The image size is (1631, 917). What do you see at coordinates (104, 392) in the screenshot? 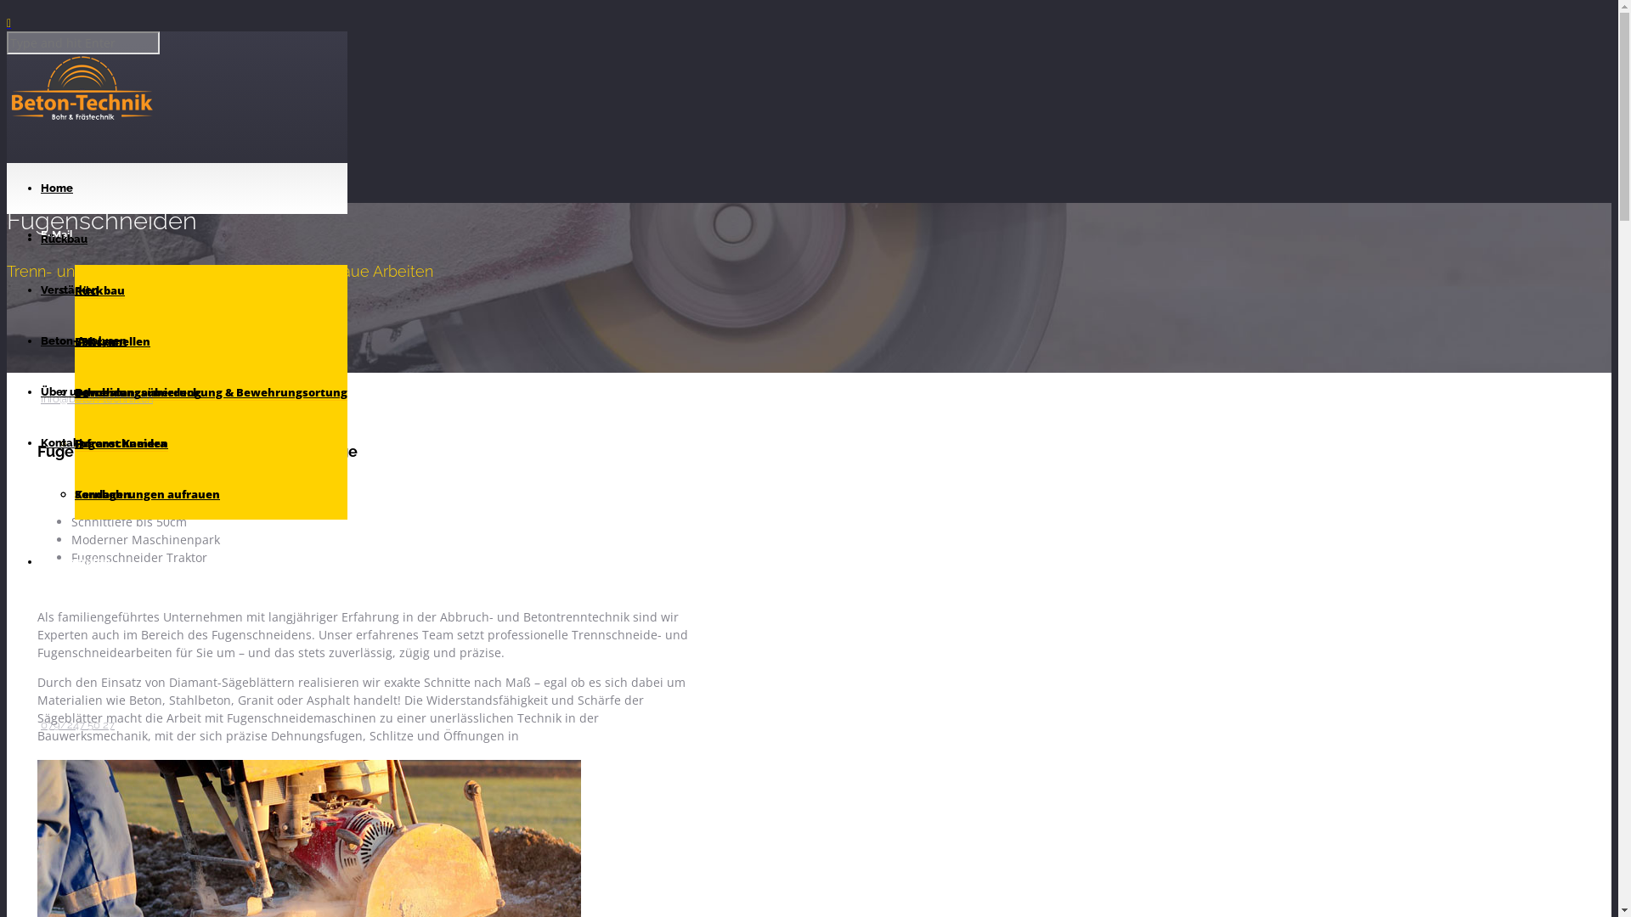
I see `'Schneiden'` at bounding box center [104, 392].